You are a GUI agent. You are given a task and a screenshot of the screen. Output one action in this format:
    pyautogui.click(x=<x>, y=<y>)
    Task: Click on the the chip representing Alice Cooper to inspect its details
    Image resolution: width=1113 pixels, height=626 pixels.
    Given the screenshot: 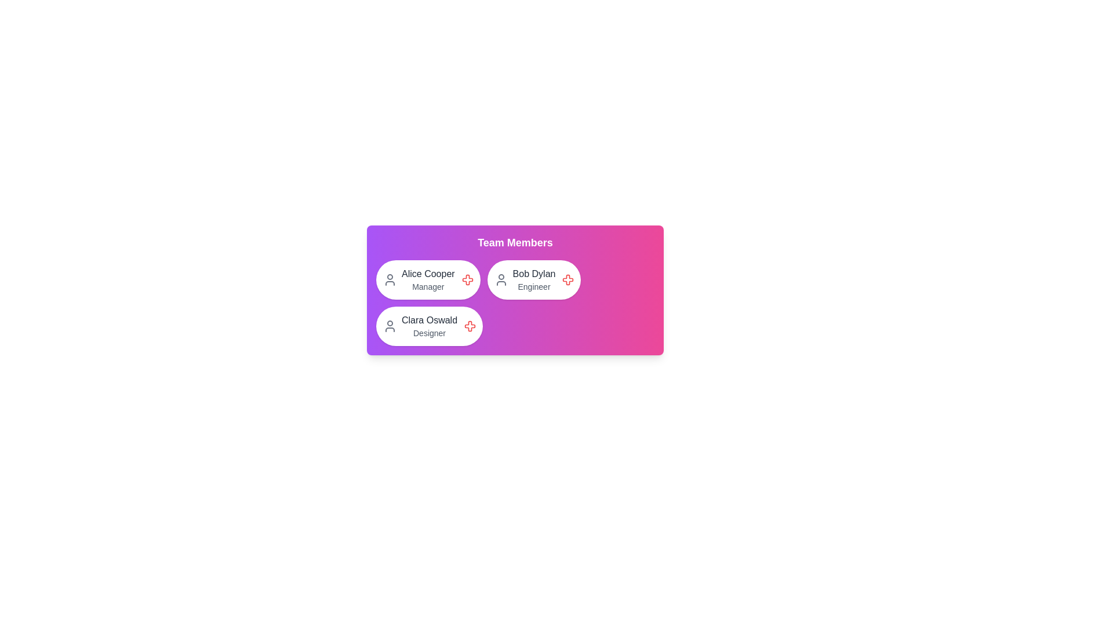 What is the action you would take?
    pyautogui.click(x=427, y=279)
    